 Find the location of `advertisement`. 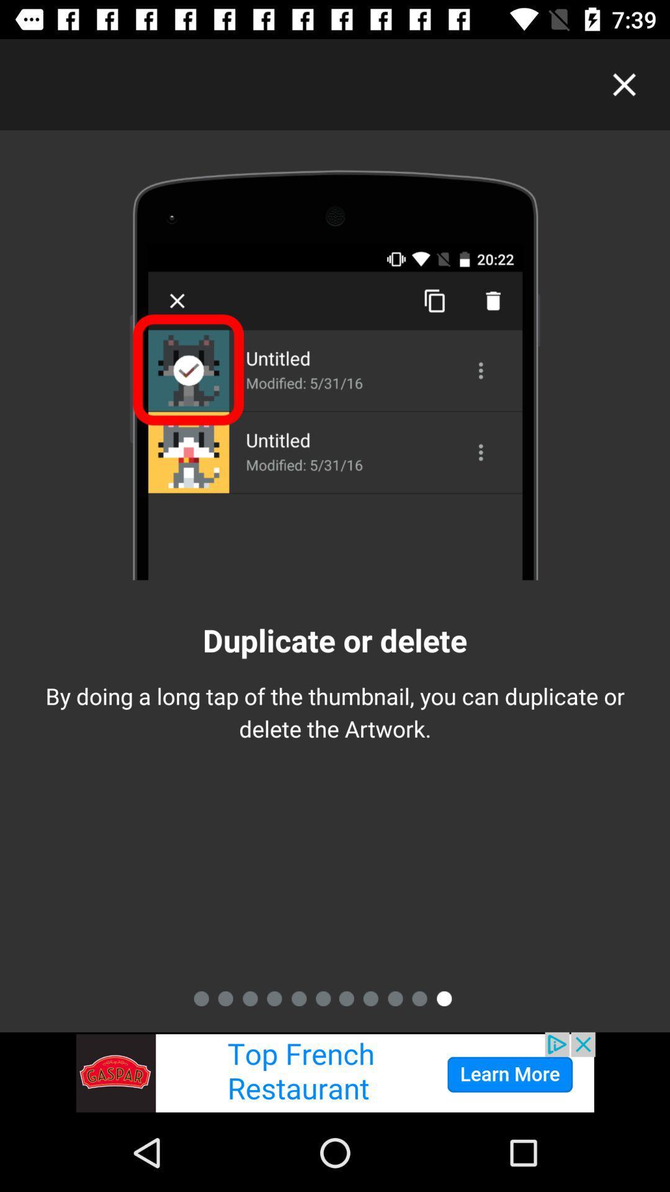

advertisement is located at coordinates (335, 1072).